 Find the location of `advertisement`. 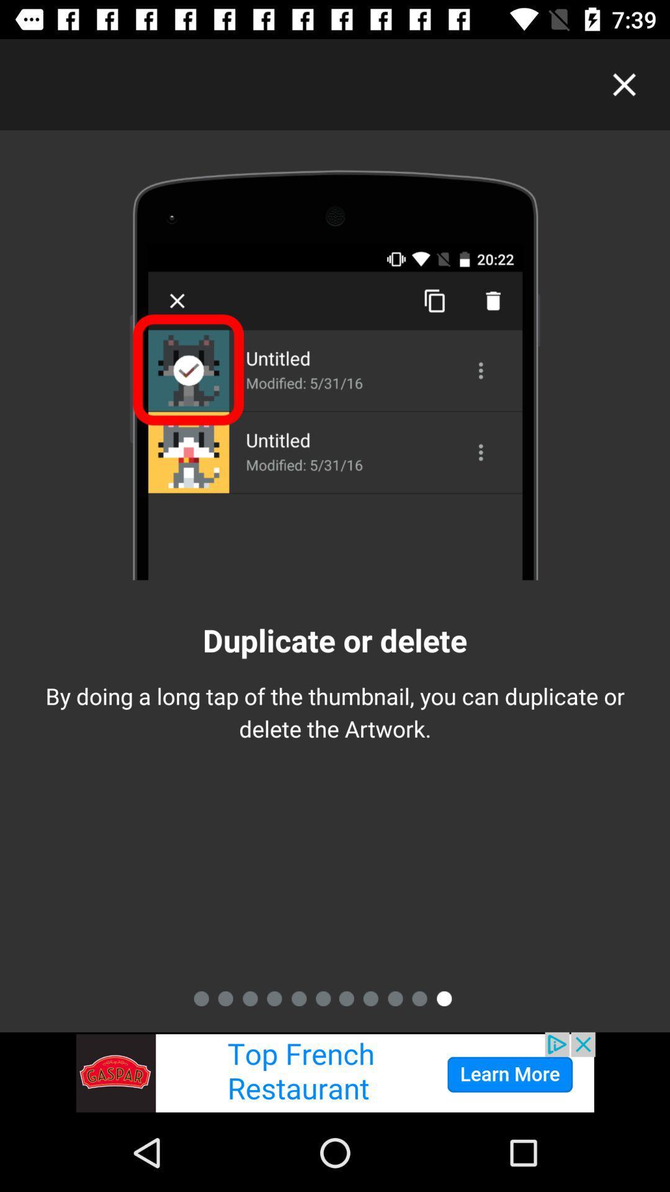

advertisement is located at coordinates (335, 1072).